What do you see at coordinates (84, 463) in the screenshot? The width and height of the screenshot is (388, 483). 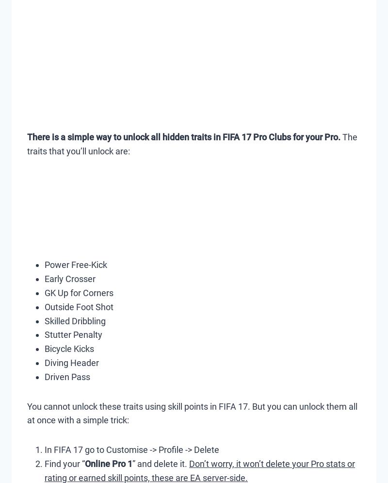 I see `'Online Pro 1'` at bounding box center [84, 463].